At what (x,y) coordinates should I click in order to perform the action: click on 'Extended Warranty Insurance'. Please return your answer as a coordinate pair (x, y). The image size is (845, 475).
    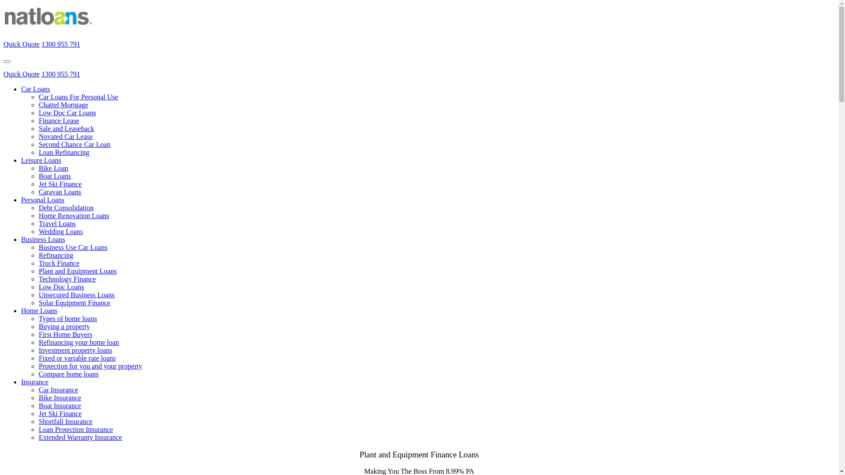
    Looking at the image, I should click on (80, 437).